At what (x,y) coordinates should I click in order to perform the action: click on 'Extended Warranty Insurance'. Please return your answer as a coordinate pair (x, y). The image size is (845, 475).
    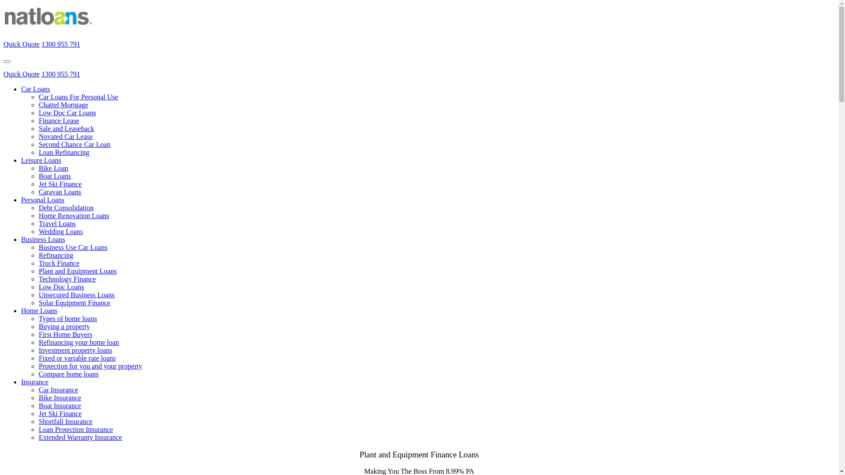
    Looking at the image, I should click on (80, 437).